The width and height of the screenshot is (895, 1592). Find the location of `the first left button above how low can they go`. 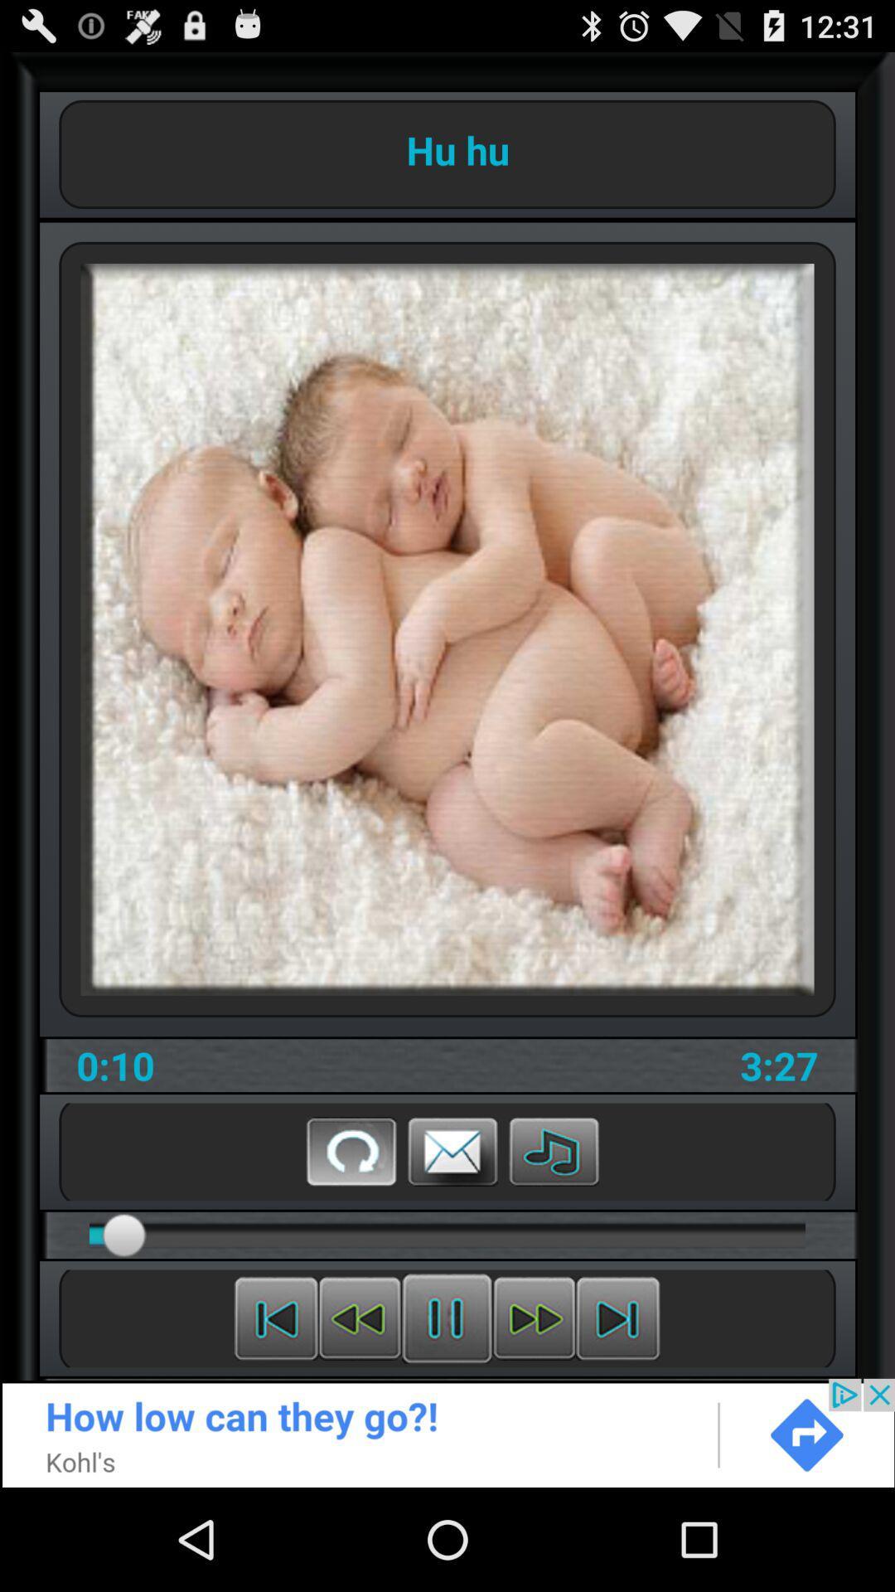

the first left button above how low can they go is located at coordinates (275, 1318).